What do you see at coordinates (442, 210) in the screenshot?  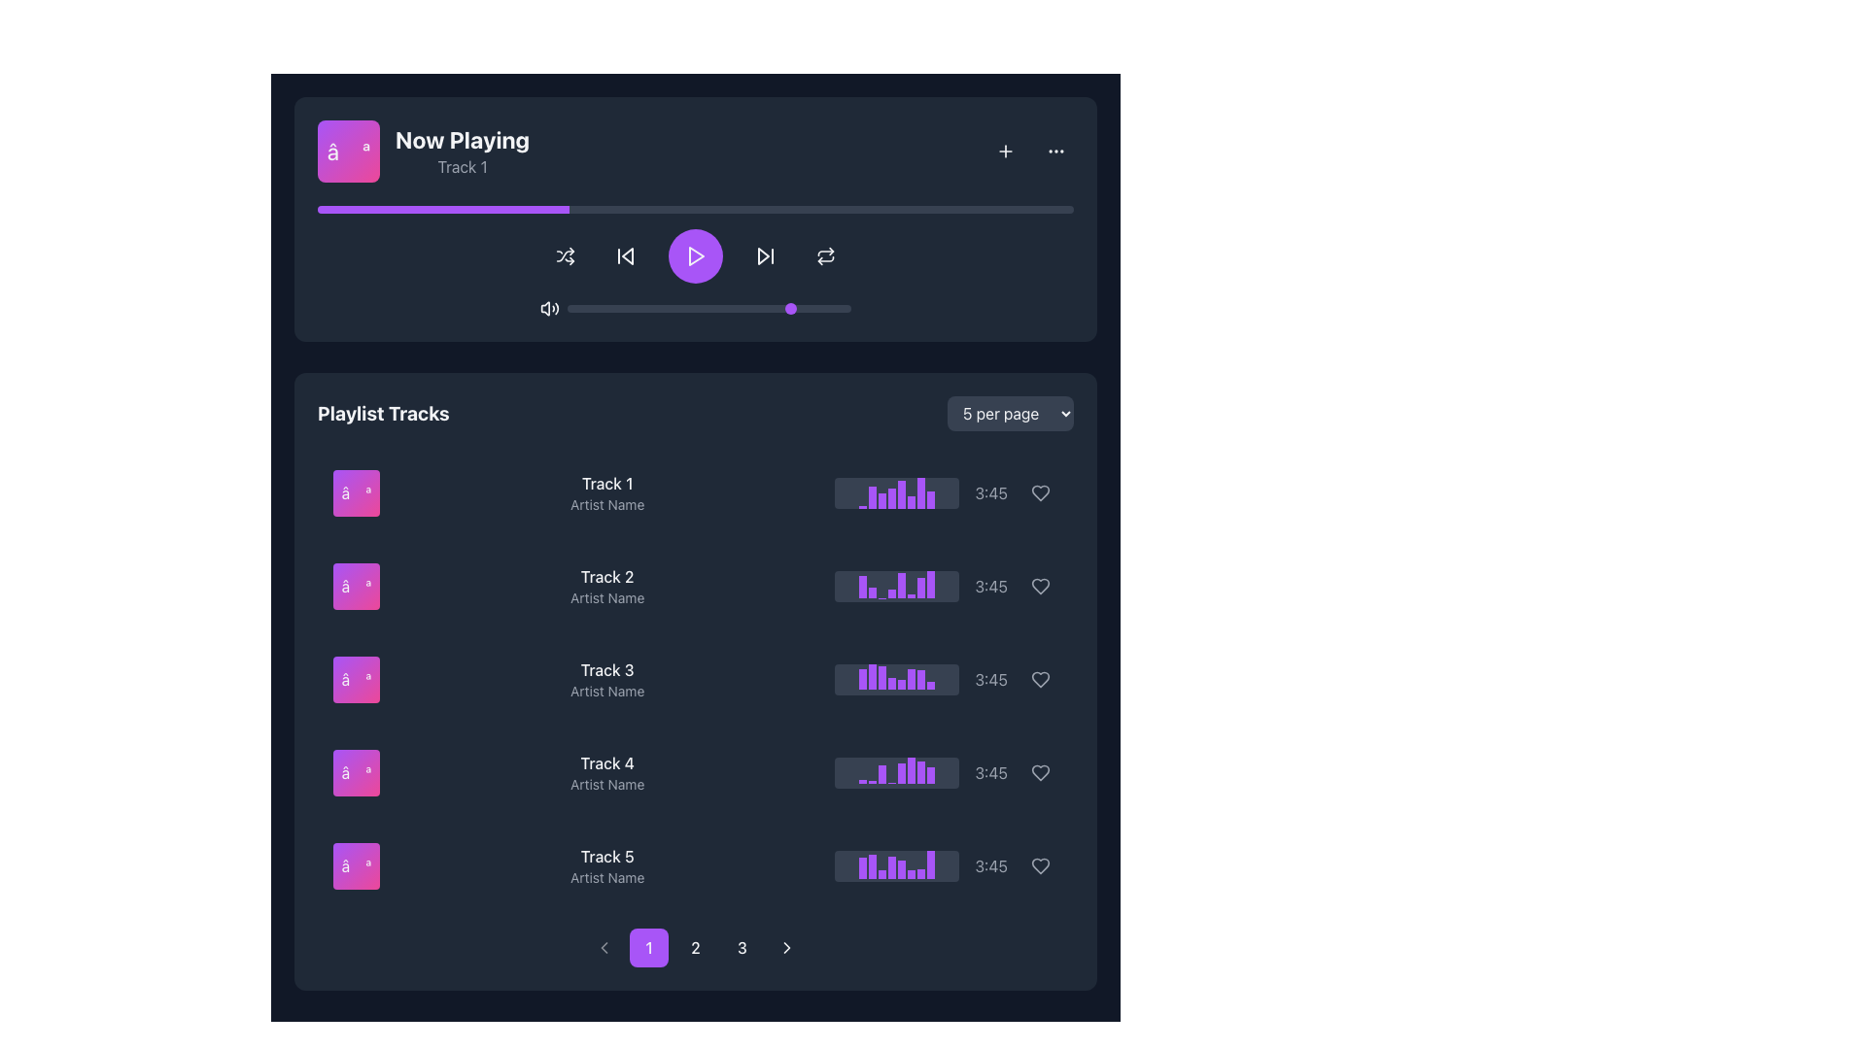 I see `the filled portion of the progress bar in the 'Now Playing' section to skip to a specific position in the media` at bounding box center [442, 210].